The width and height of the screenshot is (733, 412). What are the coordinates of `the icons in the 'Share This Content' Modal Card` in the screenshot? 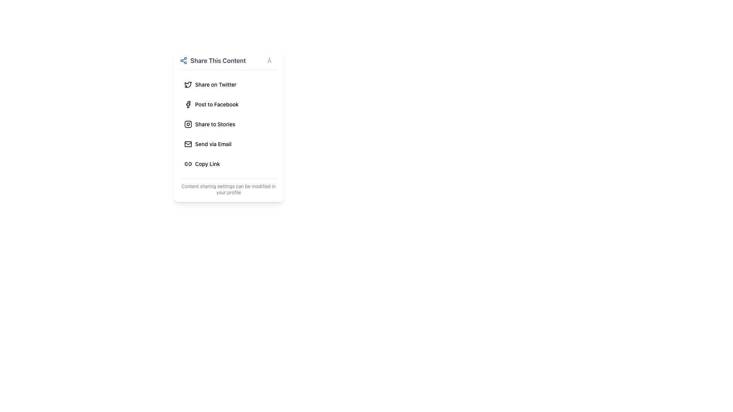 It's located at (228, 126).